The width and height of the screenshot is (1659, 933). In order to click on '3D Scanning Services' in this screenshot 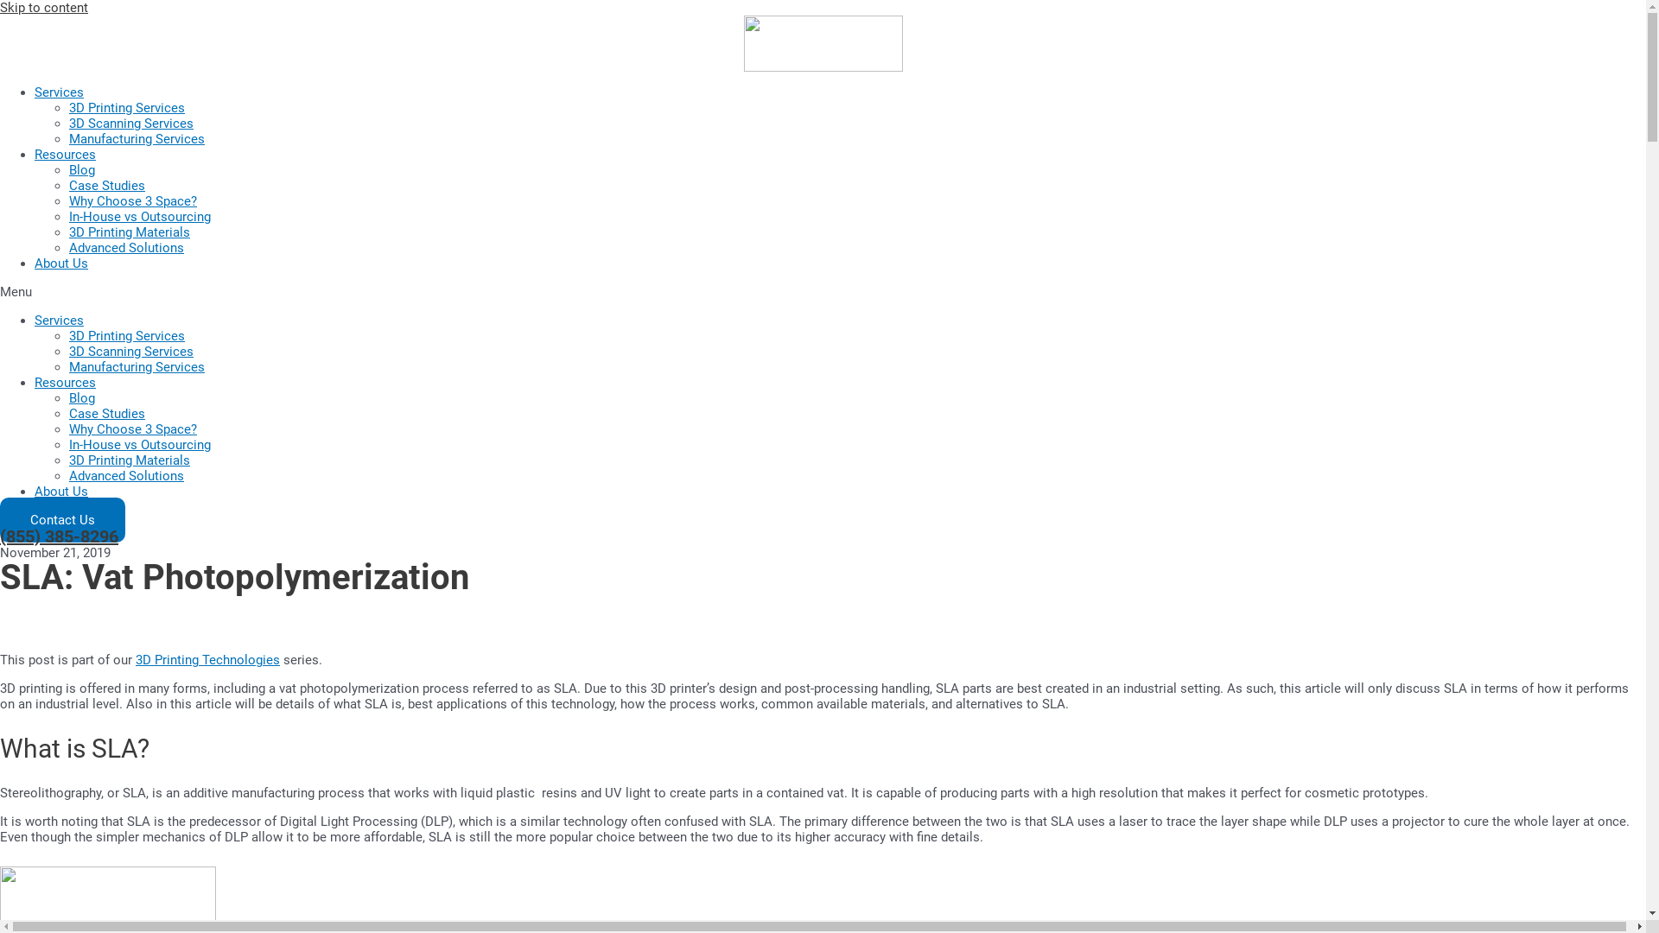, I will do `click(69, 122)`.